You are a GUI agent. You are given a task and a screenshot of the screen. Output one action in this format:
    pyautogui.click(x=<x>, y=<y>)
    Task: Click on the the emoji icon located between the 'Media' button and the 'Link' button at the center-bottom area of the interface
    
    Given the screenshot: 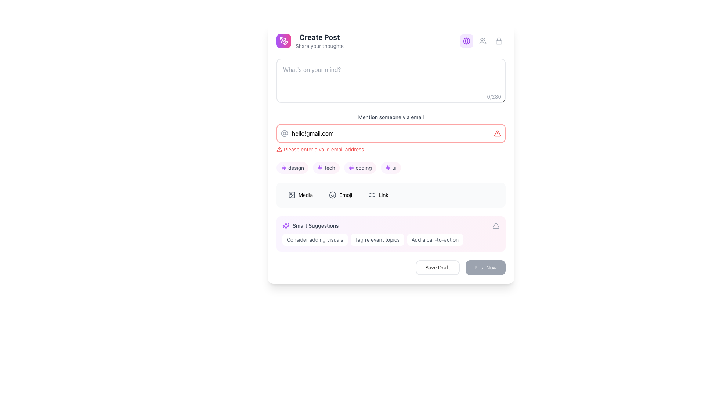 What is the action you would take?
    pyautogui.click(x=332, y=195)
    